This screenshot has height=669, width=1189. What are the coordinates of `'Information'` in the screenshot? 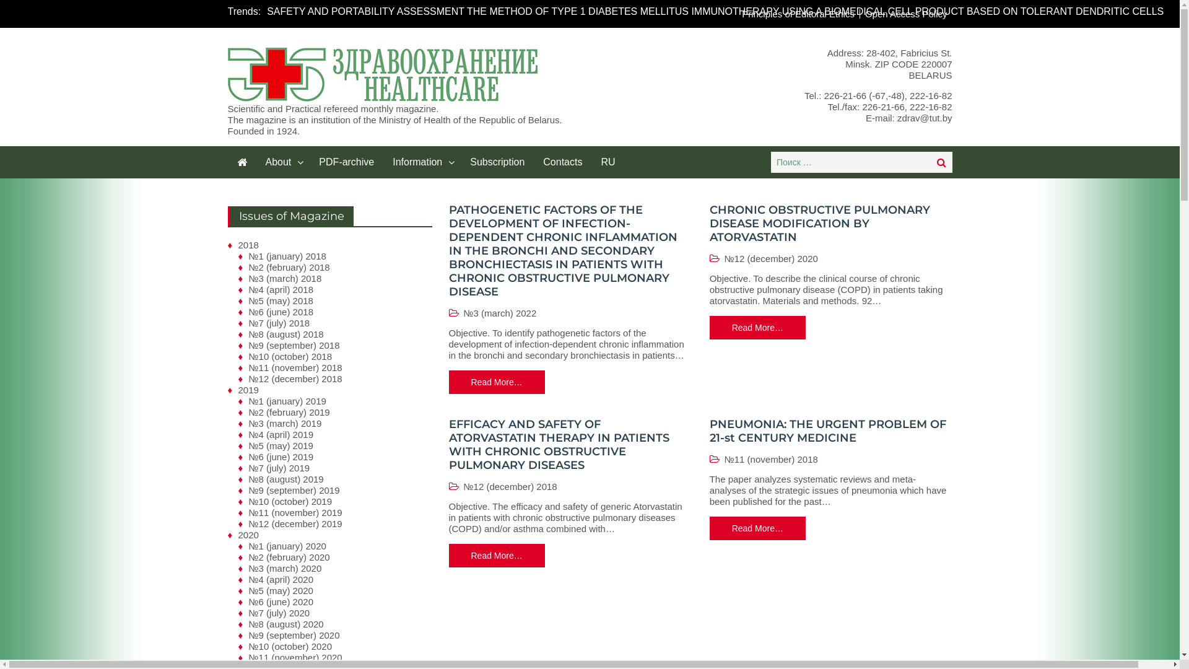 It's located at (422, 162).